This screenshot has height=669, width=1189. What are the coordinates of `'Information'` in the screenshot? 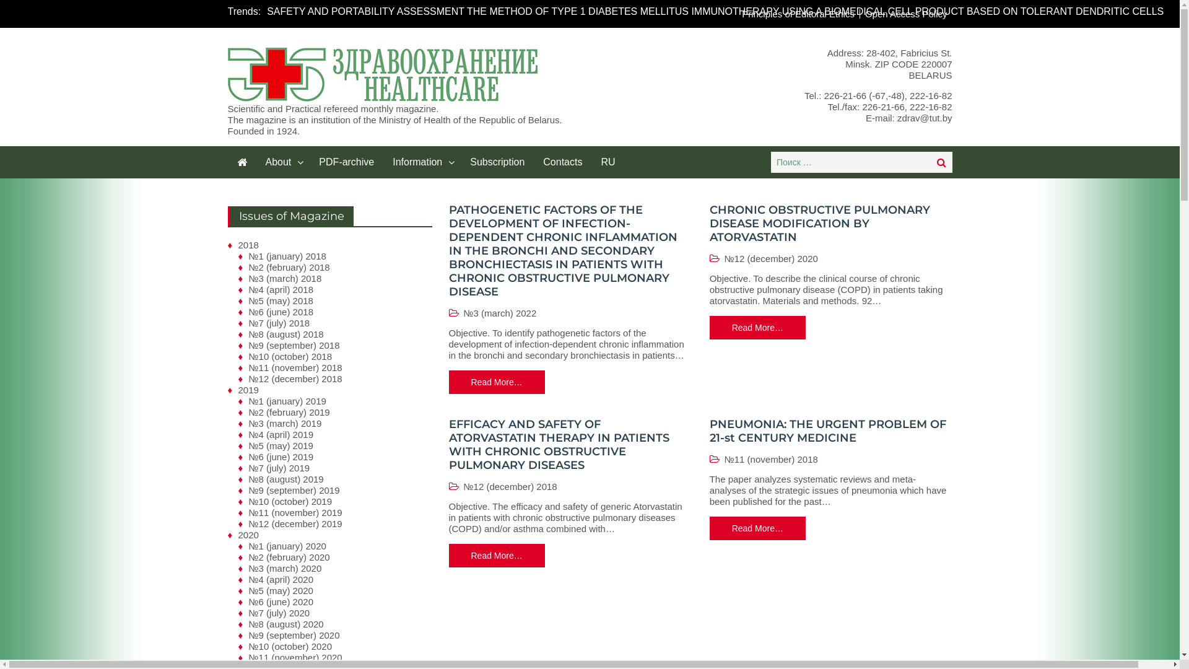 It's located at (422, 162).